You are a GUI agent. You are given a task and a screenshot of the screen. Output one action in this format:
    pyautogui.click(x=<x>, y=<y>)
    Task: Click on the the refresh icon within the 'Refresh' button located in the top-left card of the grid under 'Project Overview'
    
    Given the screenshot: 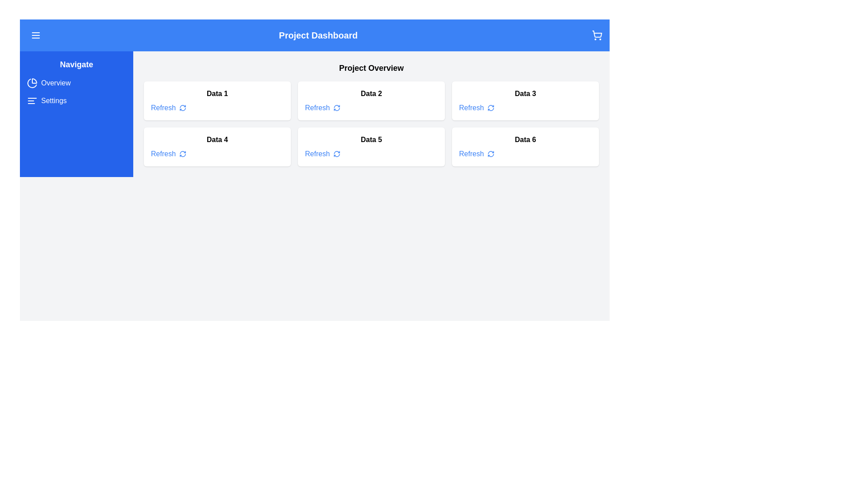 What is the action you would take?
    pyautogui.click(x=182, y=107)
    